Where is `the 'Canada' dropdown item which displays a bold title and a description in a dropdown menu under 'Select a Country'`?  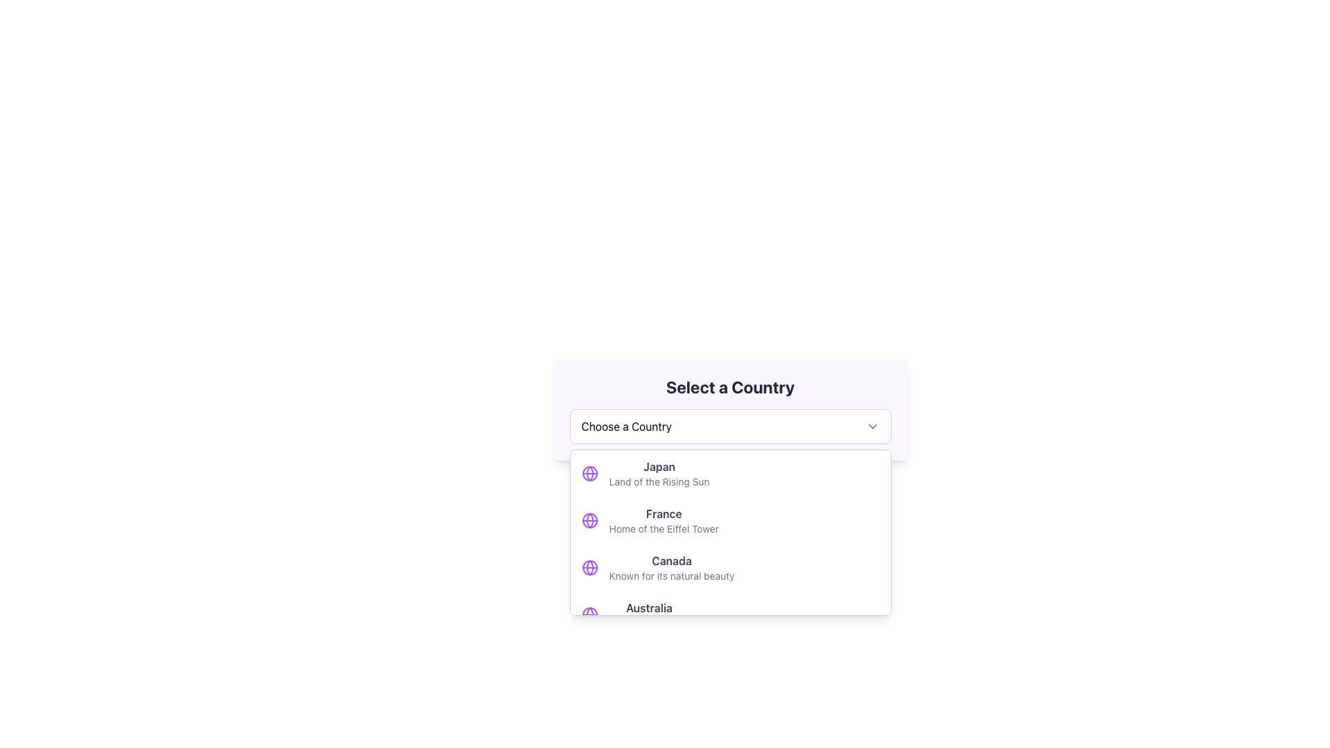 the 'Canada' dropdown item which displays a bold title and a description in a dropdown menu under 'Select a Country' is located at coordinates (729, 568).